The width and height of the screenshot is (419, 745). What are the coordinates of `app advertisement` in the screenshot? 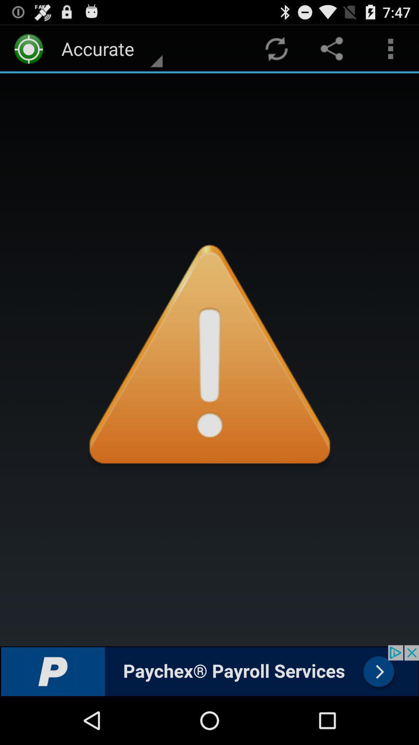 It's located at (209, 670).